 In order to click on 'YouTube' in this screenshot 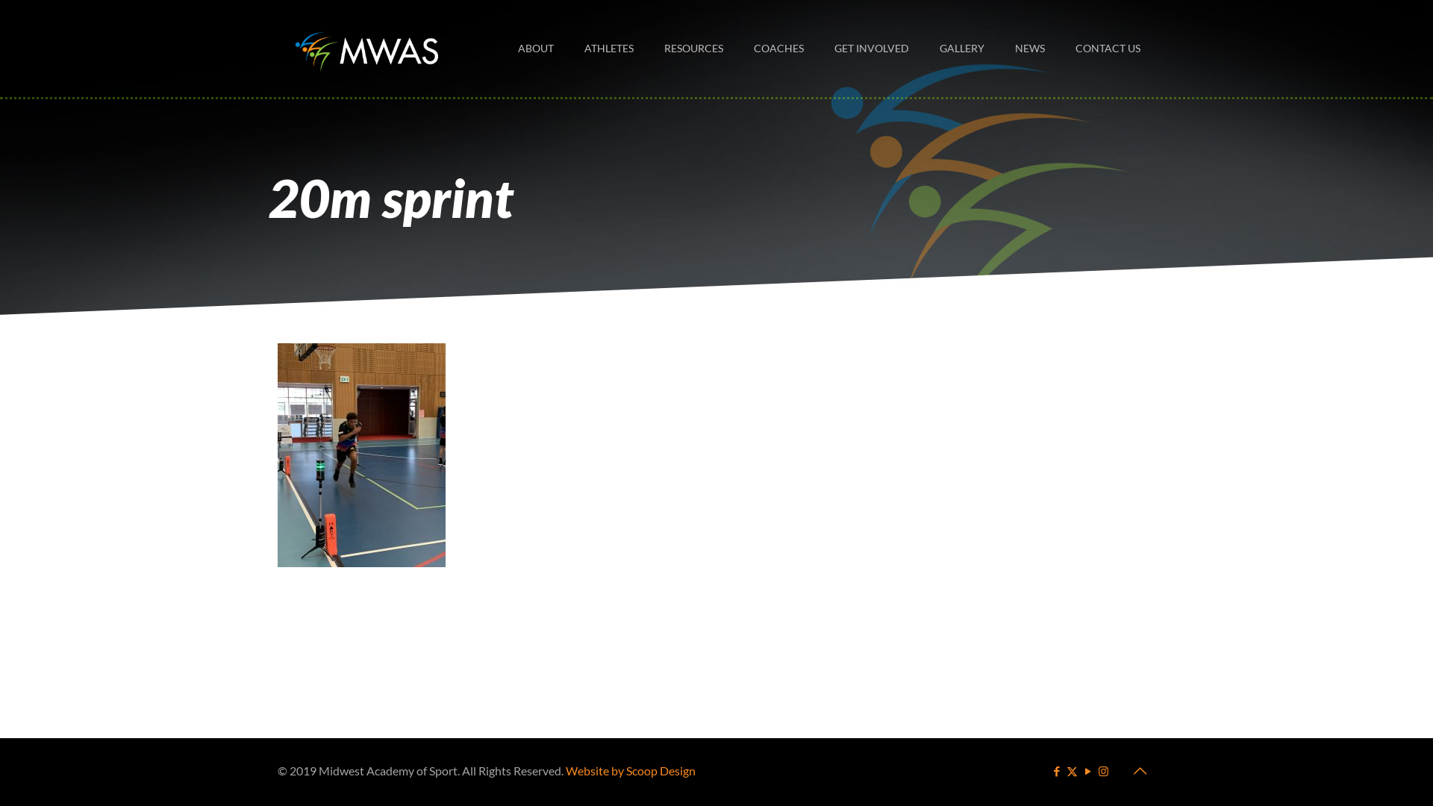, I will do `click(1087, 771)`.